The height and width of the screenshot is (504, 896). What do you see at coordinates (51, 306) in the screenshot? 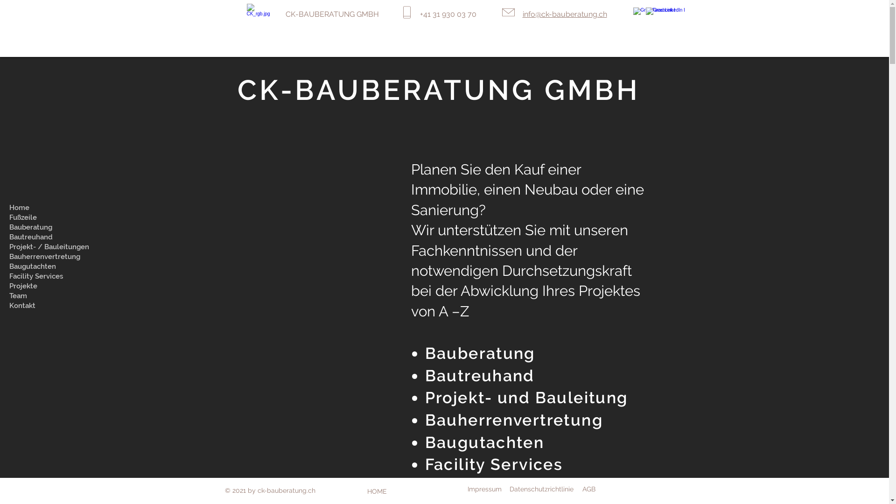
I see `'Kontakt'` at bounding box center [51, 306].